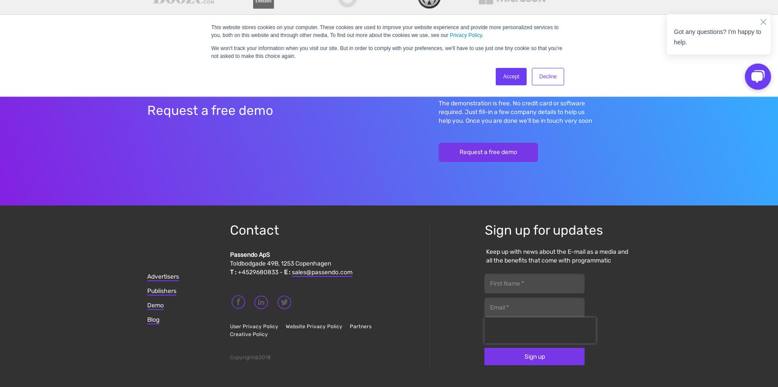  What do you see at coordinates (211, 52) in the screenshot?
I see `'We won't track your information when you visit our site. But in order to comply with your preferences, we'll have to use just one tiny cookie so that you're not asked to make this choice again.'` at bounding box center [211, 52].